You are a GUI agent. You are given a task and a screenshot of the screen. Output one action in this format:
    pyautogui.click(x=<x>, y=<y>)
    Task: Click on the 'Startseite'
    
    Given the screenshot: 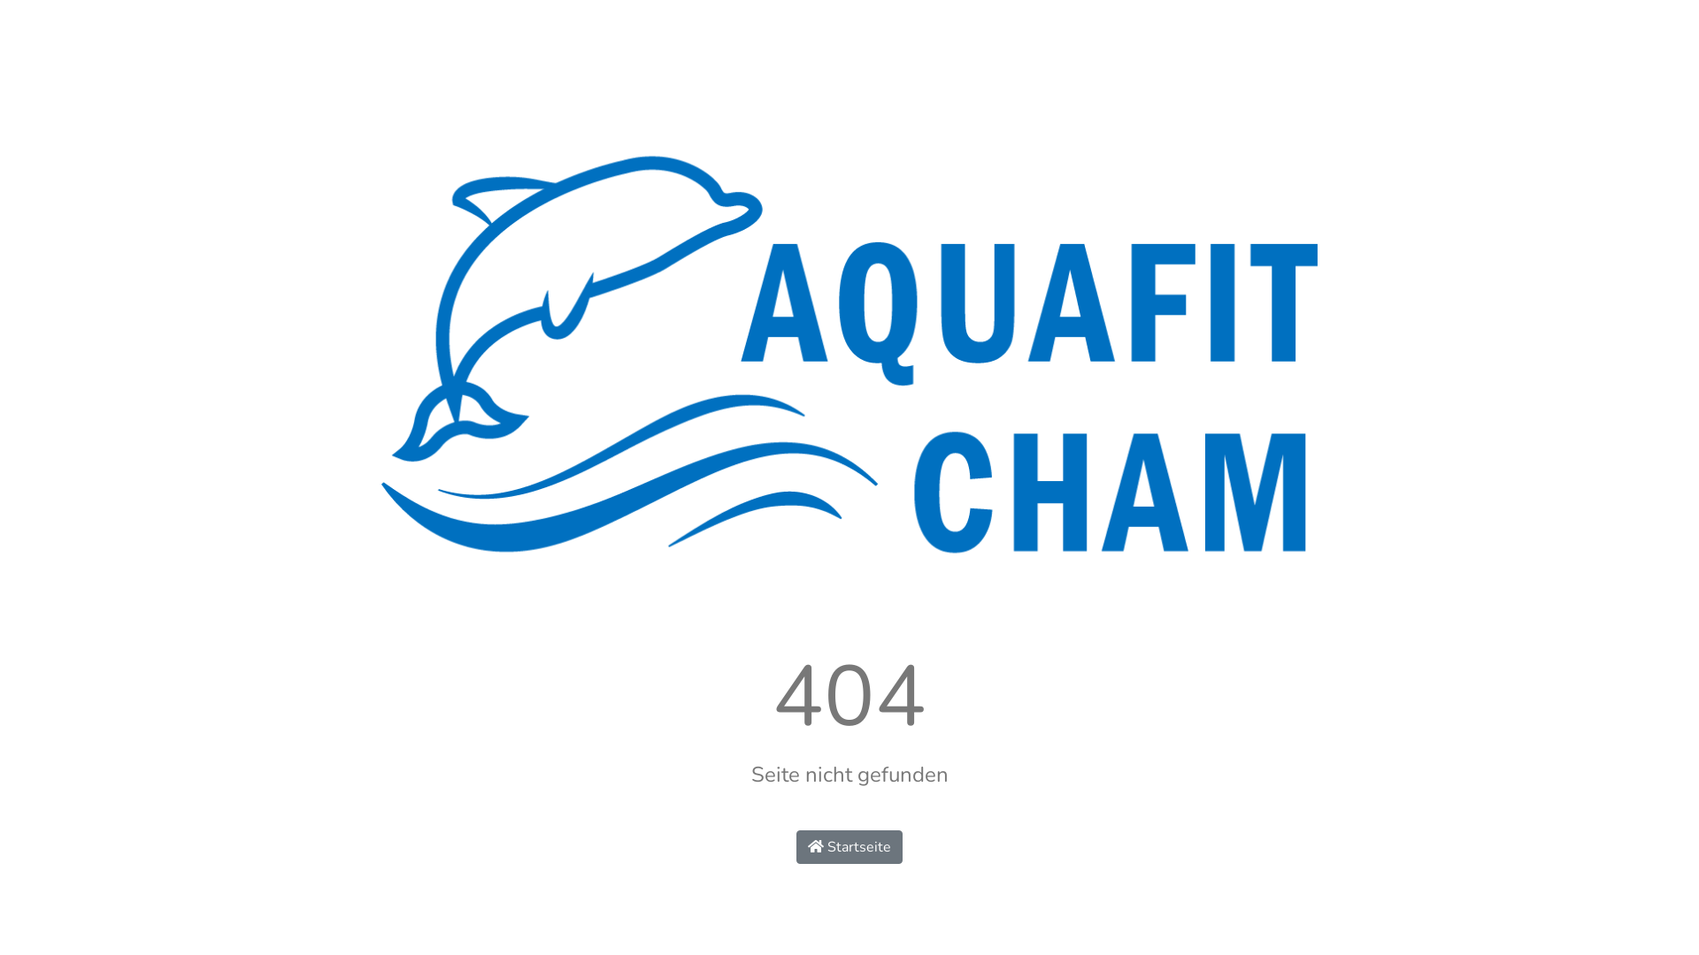 What is the action you would take?
    pyautogui.click(x=849, y=845)
    